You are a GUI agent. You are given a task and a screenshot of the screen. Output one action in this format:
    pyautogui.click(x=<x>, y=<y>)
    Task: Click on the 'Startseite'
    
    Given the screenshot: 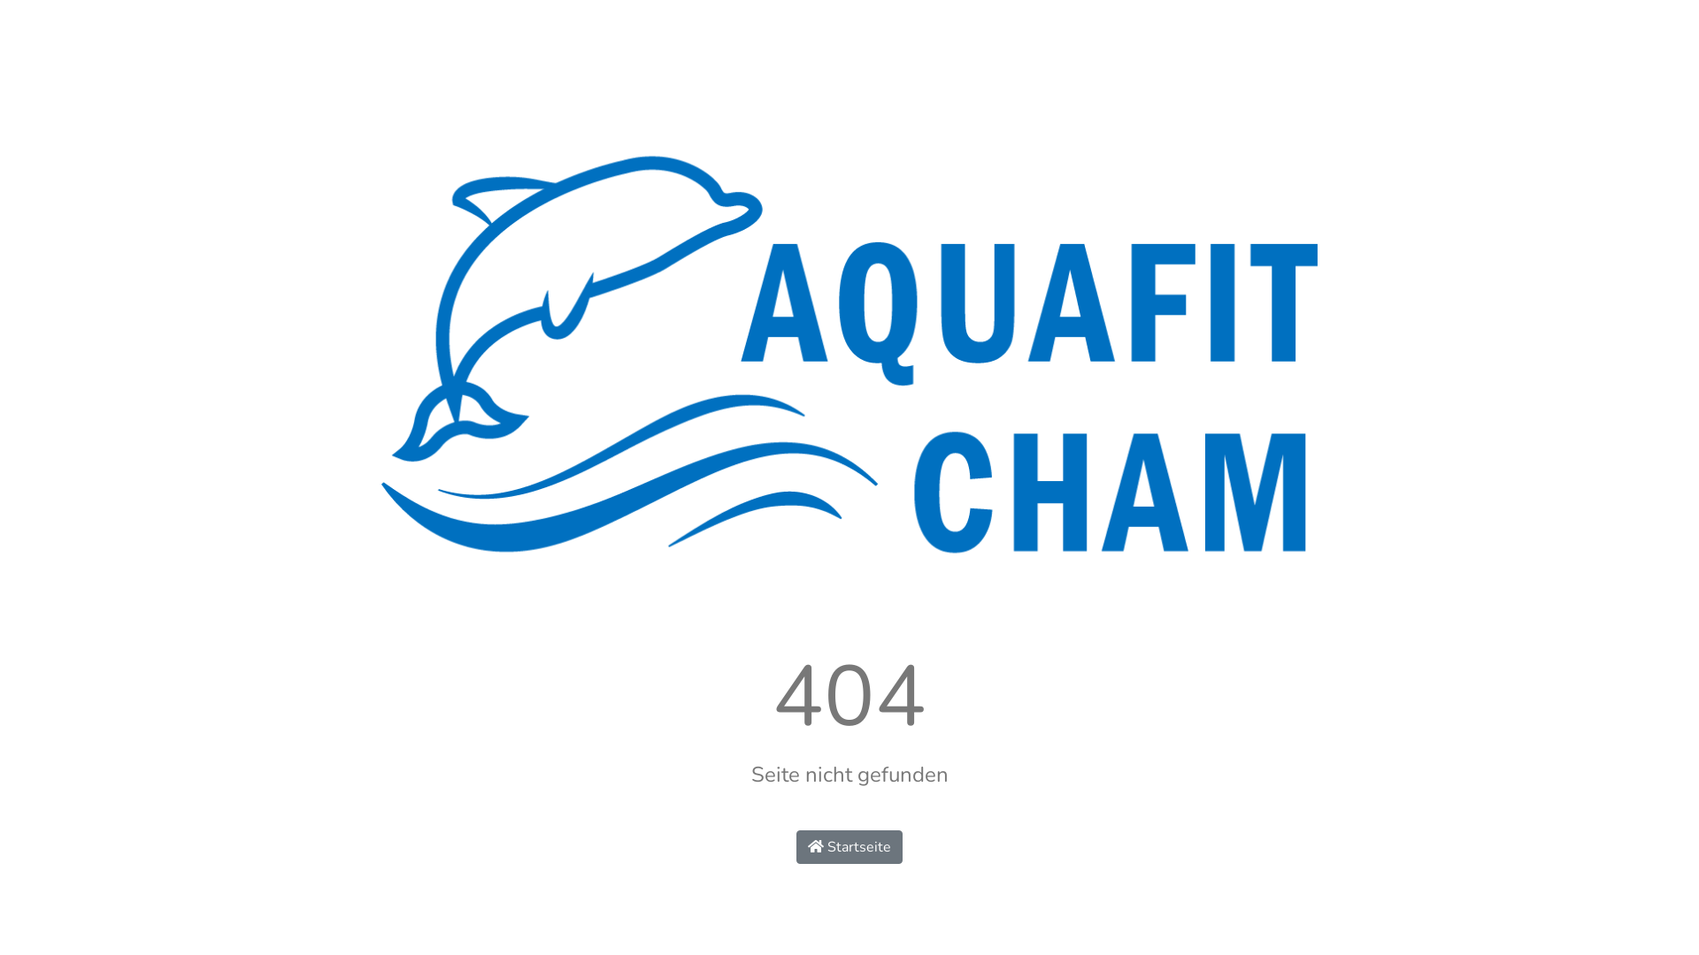 What is the action you would take?
    pyautogui.click(x=849, y=845)
    